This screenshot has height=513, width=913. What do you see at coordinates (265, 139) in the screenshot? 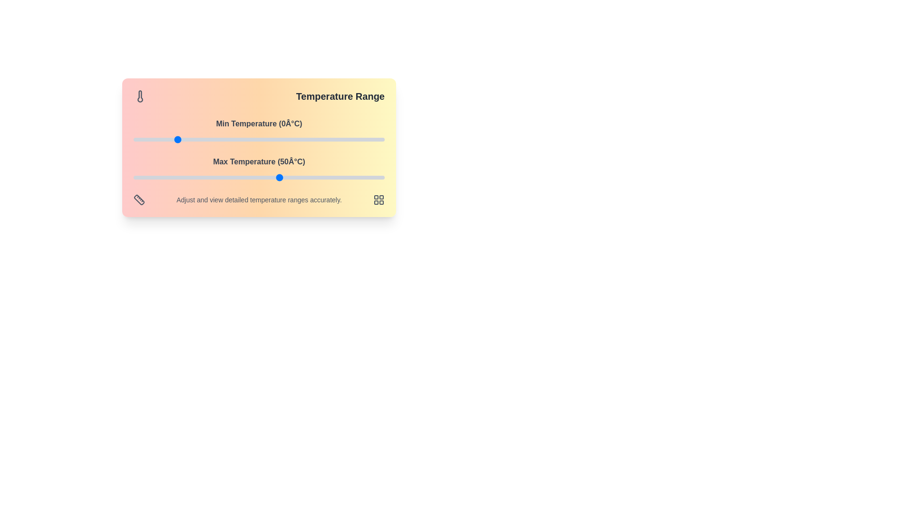
I see `the minimum temperature slider to 43°C` at bounding box center [265, 139].